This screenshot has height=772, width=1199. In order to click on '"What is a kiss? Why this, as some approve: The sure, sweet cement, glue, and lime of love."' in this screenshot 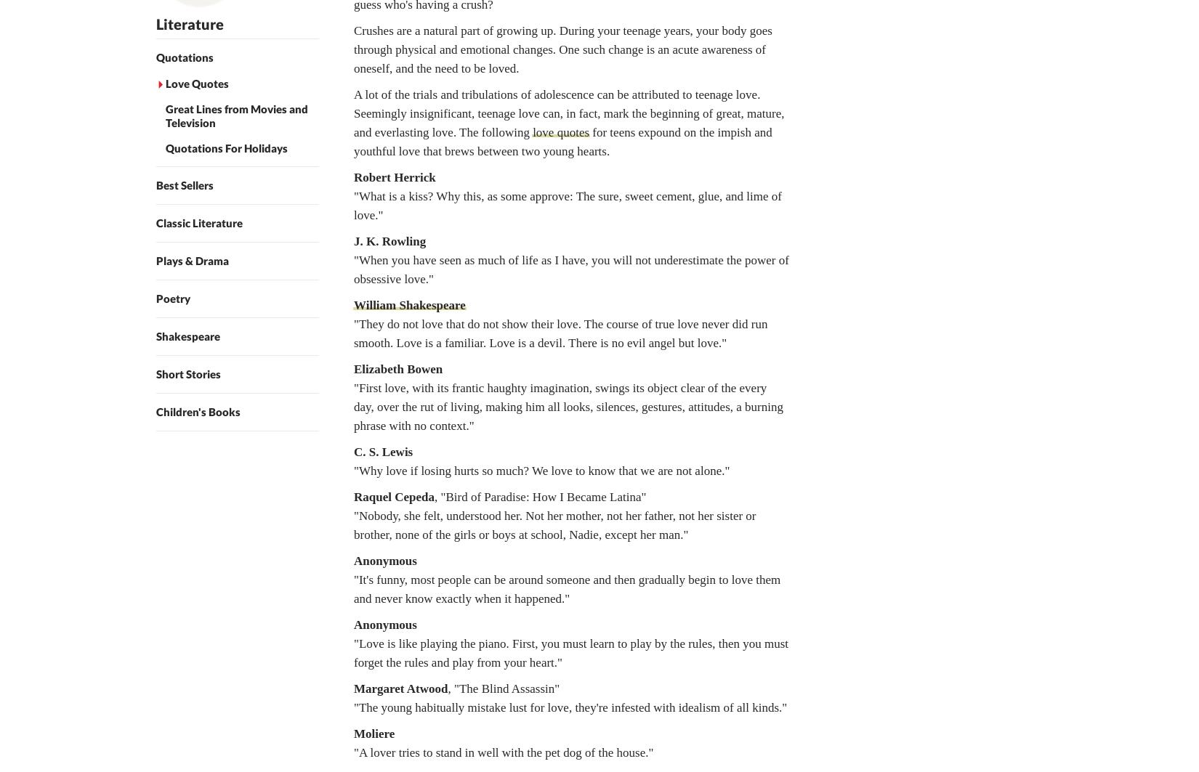, I will do `click(353, 206)`.